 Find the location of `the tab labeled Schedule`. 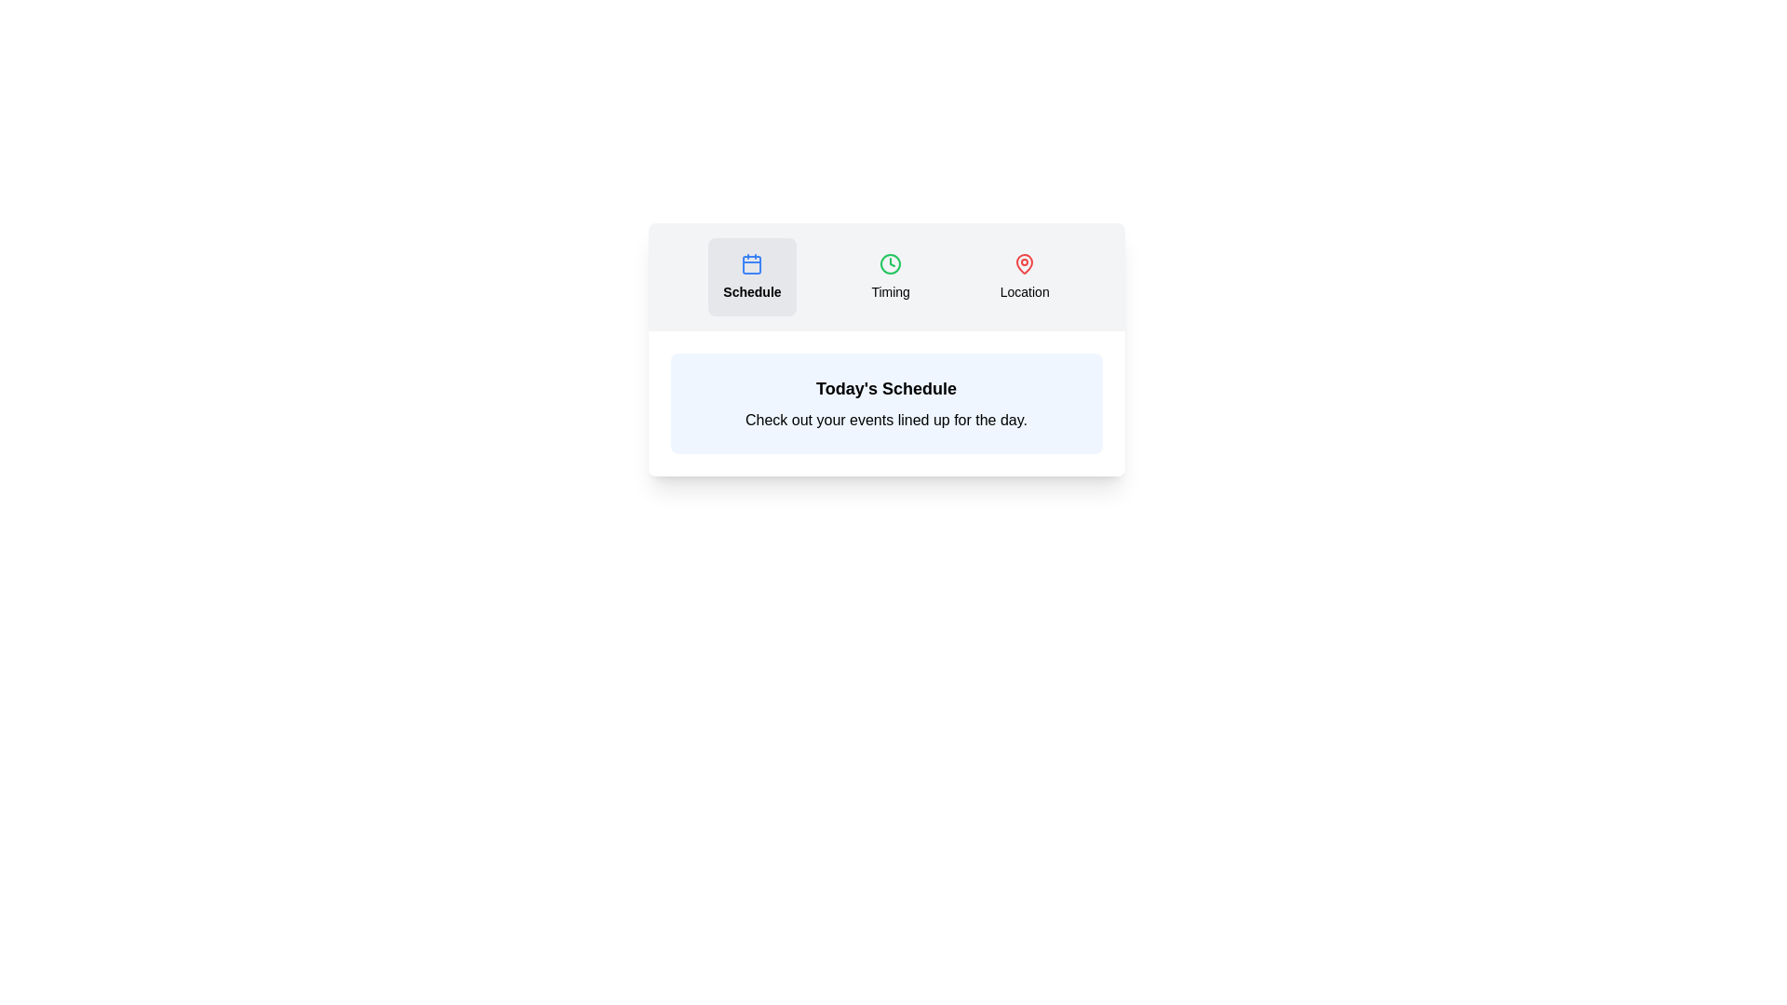

the tab labeled Schedule is located at coordinates (752, 276).